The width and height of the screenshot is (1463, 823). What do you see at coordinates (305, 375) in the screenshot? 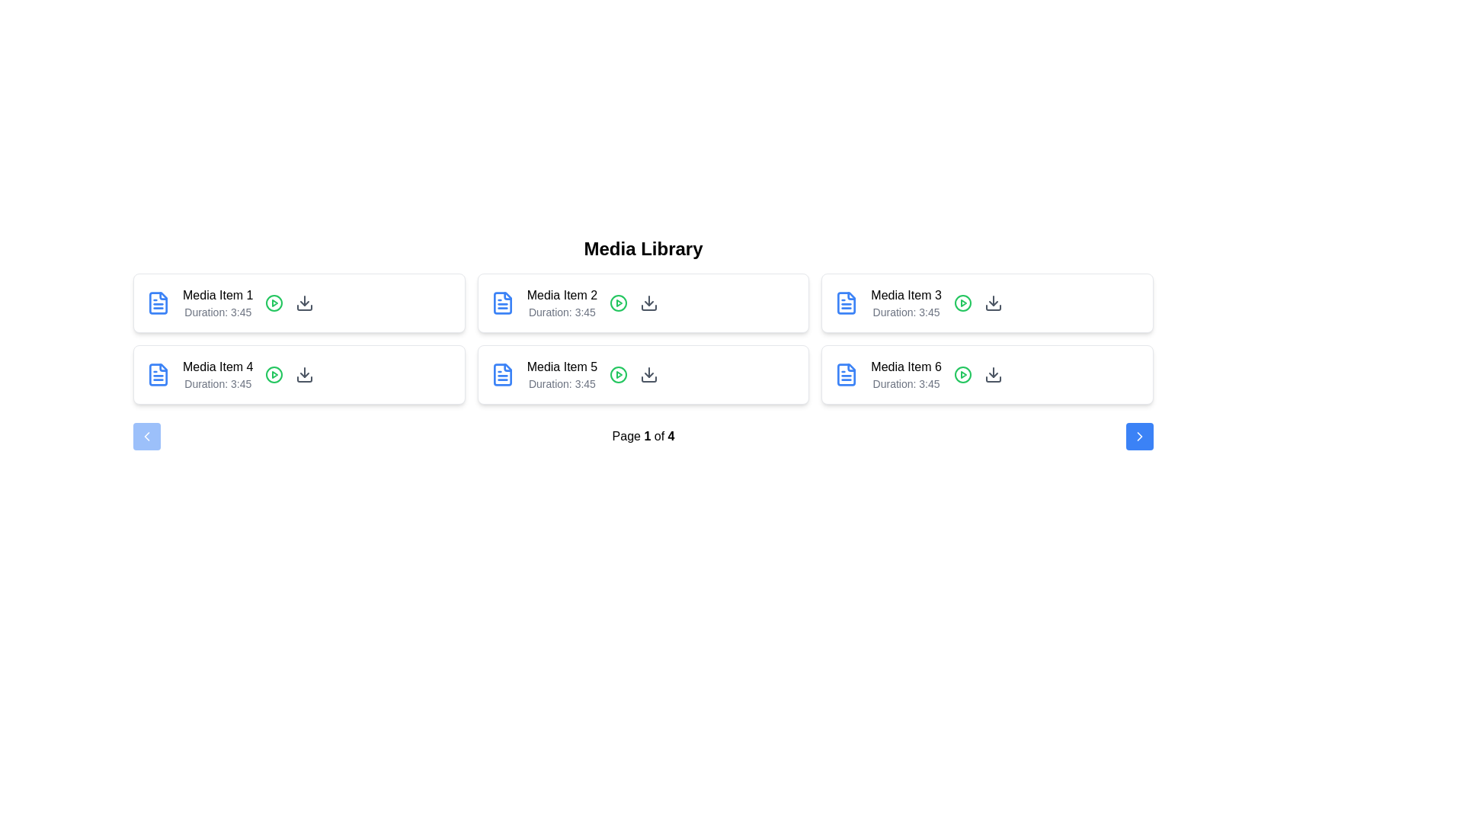
I see `the Download icon located in the panel for 'Media Item 4', positioned in the left column of the second row in the media grid` at bounding box center [305, 375].